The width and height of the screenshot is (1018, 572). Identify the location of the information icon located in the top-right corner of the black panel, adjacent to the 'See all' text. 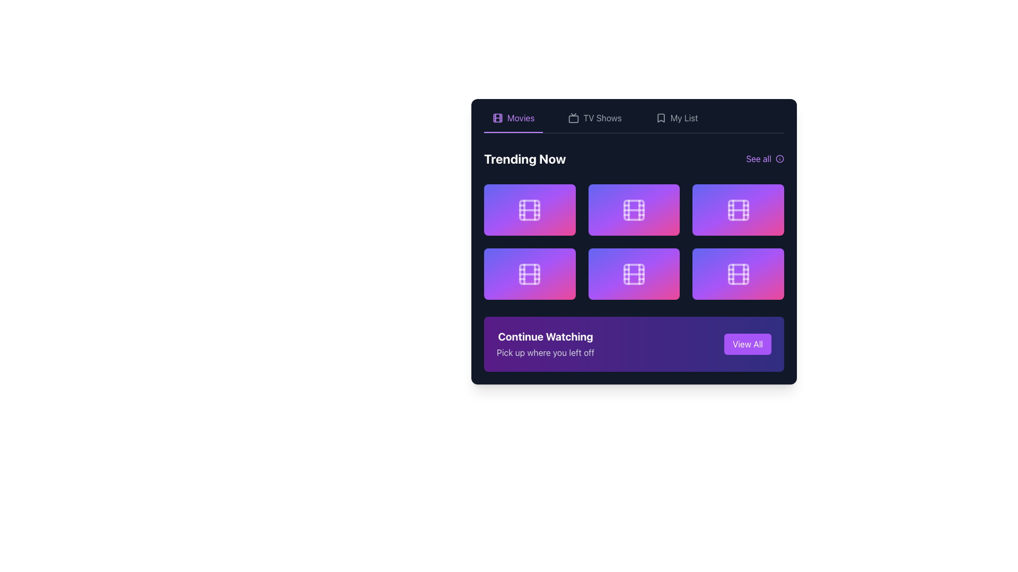
(779, 159).